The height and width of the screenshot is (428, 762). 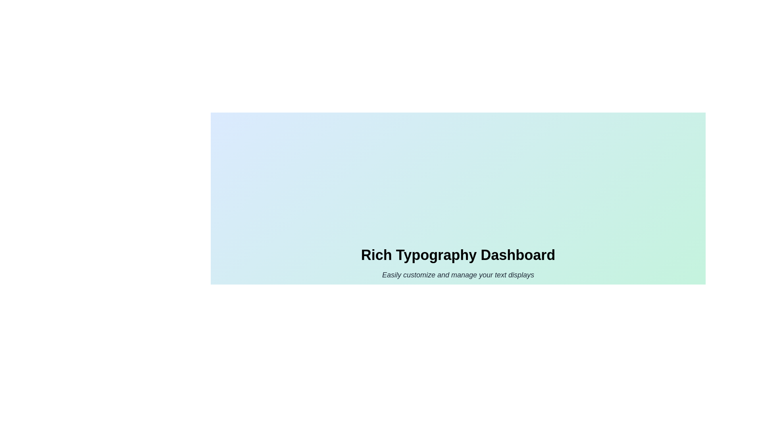 I want to click on the text label that reads 'Easily customize and manage your text displays', styled in italic dark gray font, located beneath the header 'Rich Typography Dashboard', so click(x=458, y=275).